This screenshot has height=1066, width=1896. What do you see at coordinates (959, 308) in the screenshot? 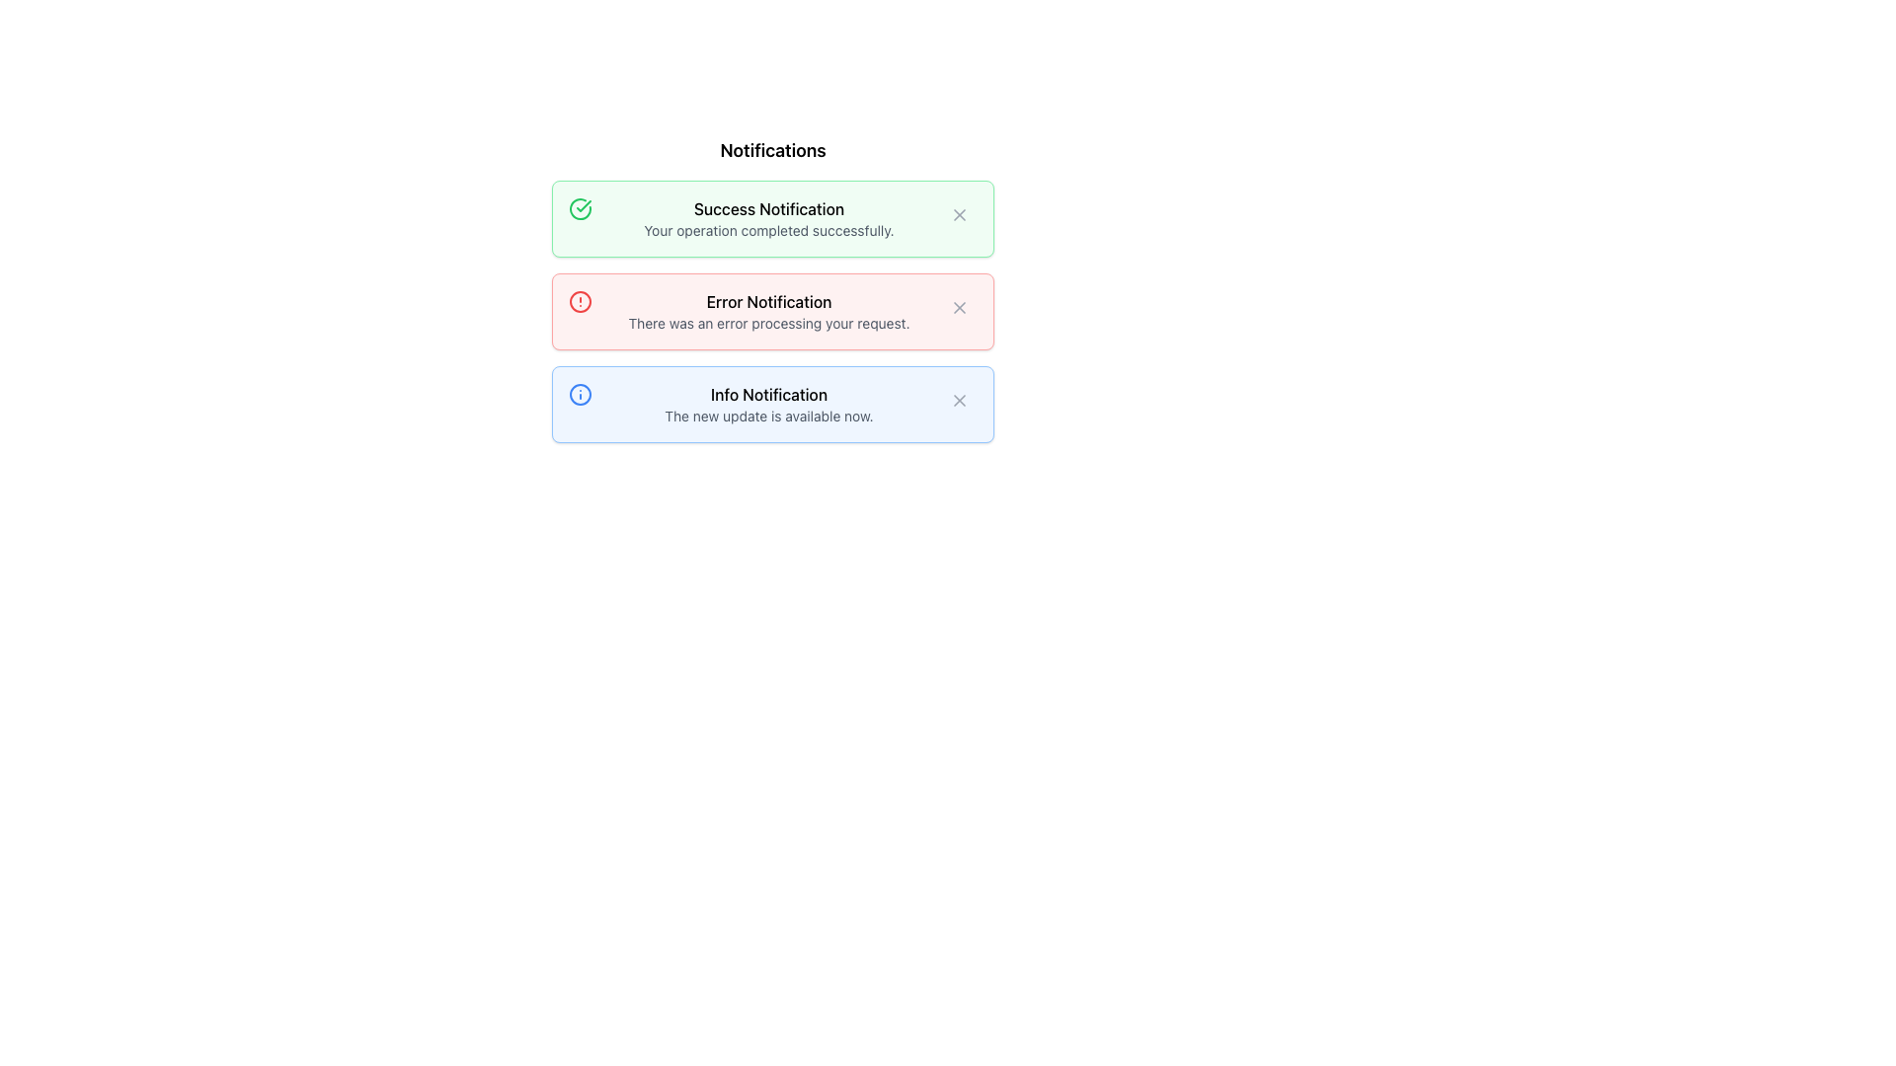
I see `the close button represented by an 'X' icon in the top-right corner of the Error Notification section` at bounding box center [959, 308].